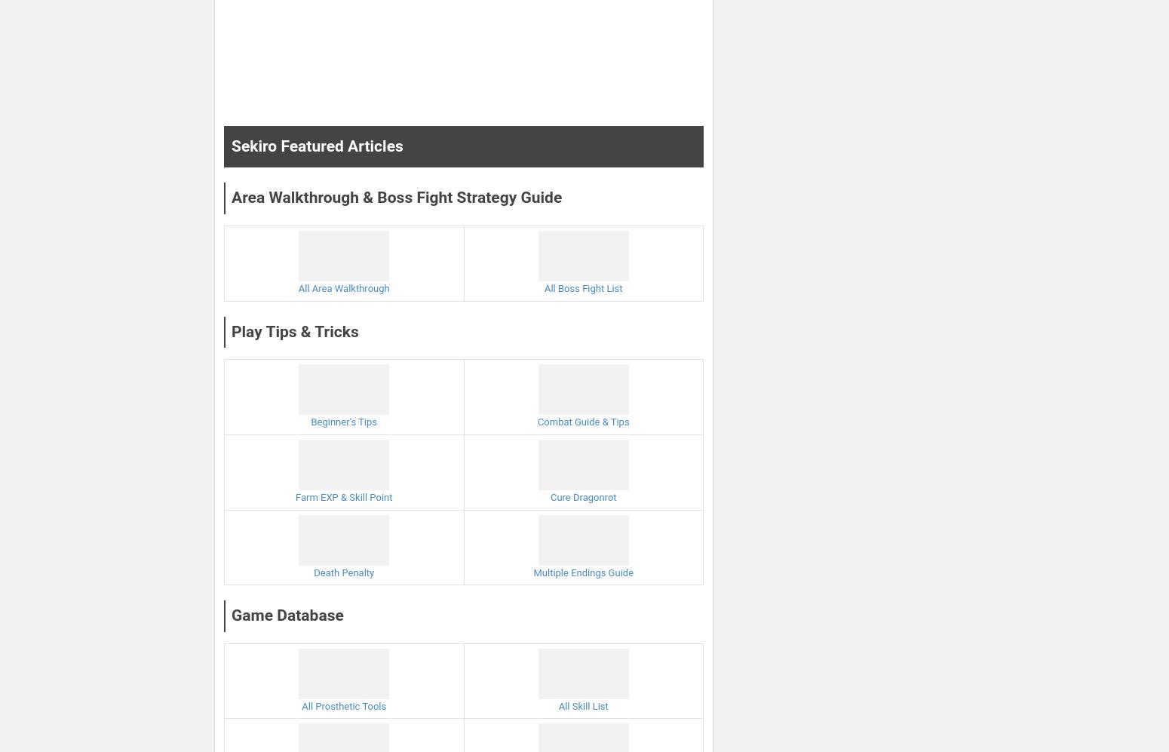 The width and height of the screenshot is (1169, 752). What do you see at coordinates (344, 572) in the screenshot?
I see `'Death Penalty'` at bounding box center [344, 572].